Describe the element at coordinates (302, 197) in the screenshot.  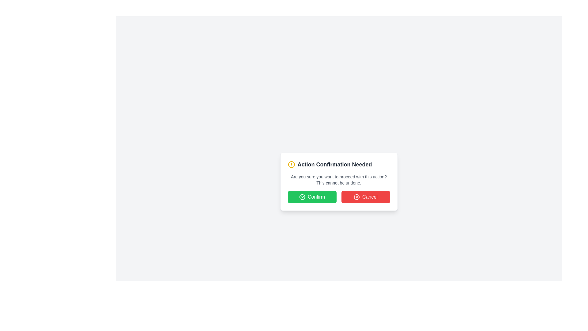
I see `the confirmation indicator icon located to the left of the 'Confirm' text within the green button in the dialog box` at that location.